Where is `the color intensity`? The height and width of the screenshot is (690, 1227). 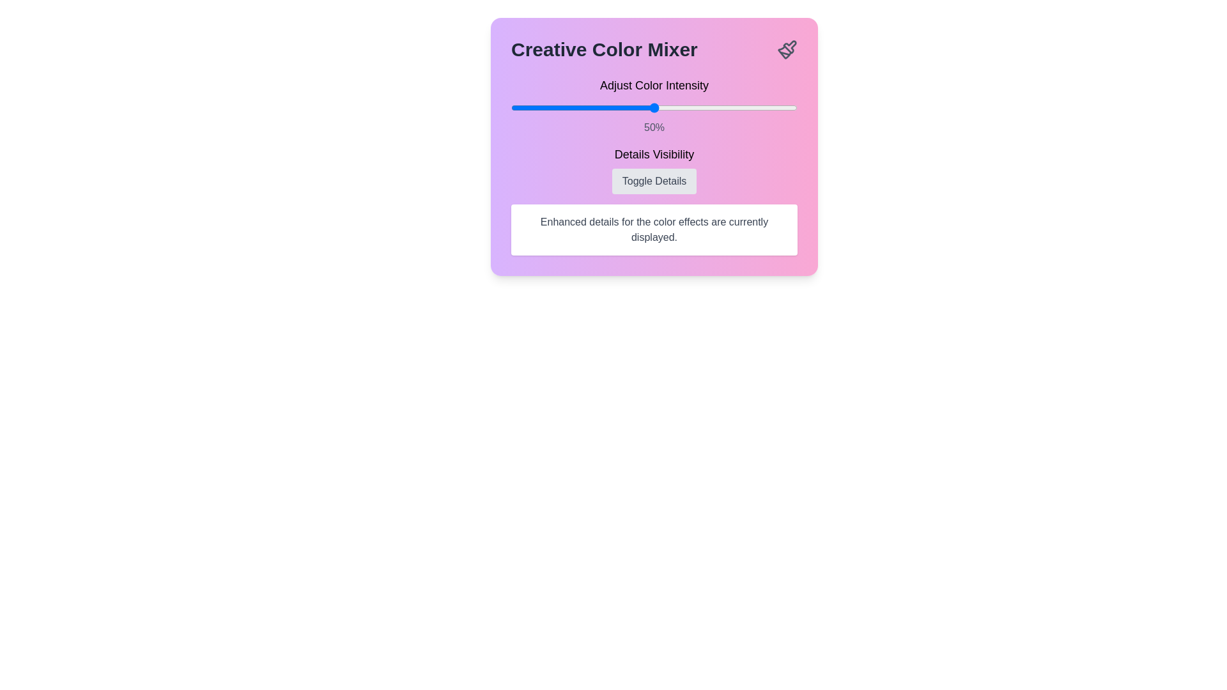
the color intensity is located at coordinates (720, 107).